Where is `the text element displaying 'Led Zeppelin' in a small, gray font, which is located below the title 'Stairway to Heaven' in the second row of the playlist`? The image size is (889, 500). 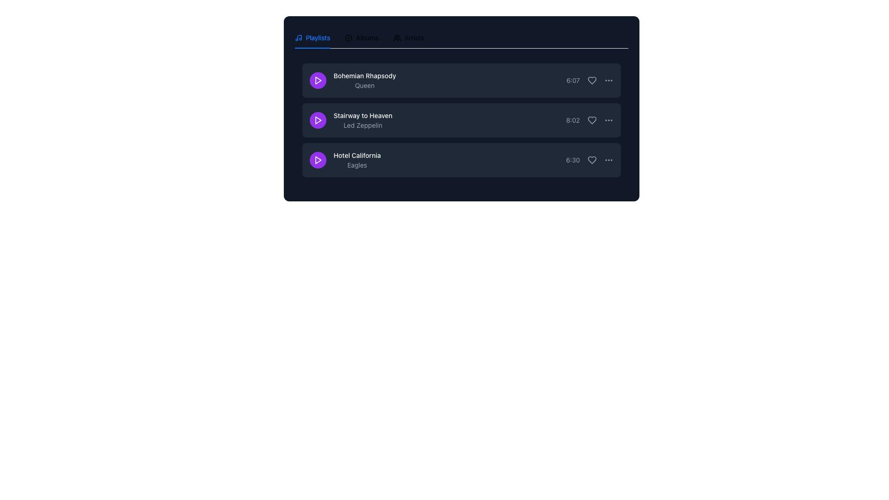
the text element displaying 'Led Zeppelin' in a small, gray font, which is located below the title 'Stairway to Heaven' in the second row of the playlist is located at coordinates (362, 125).